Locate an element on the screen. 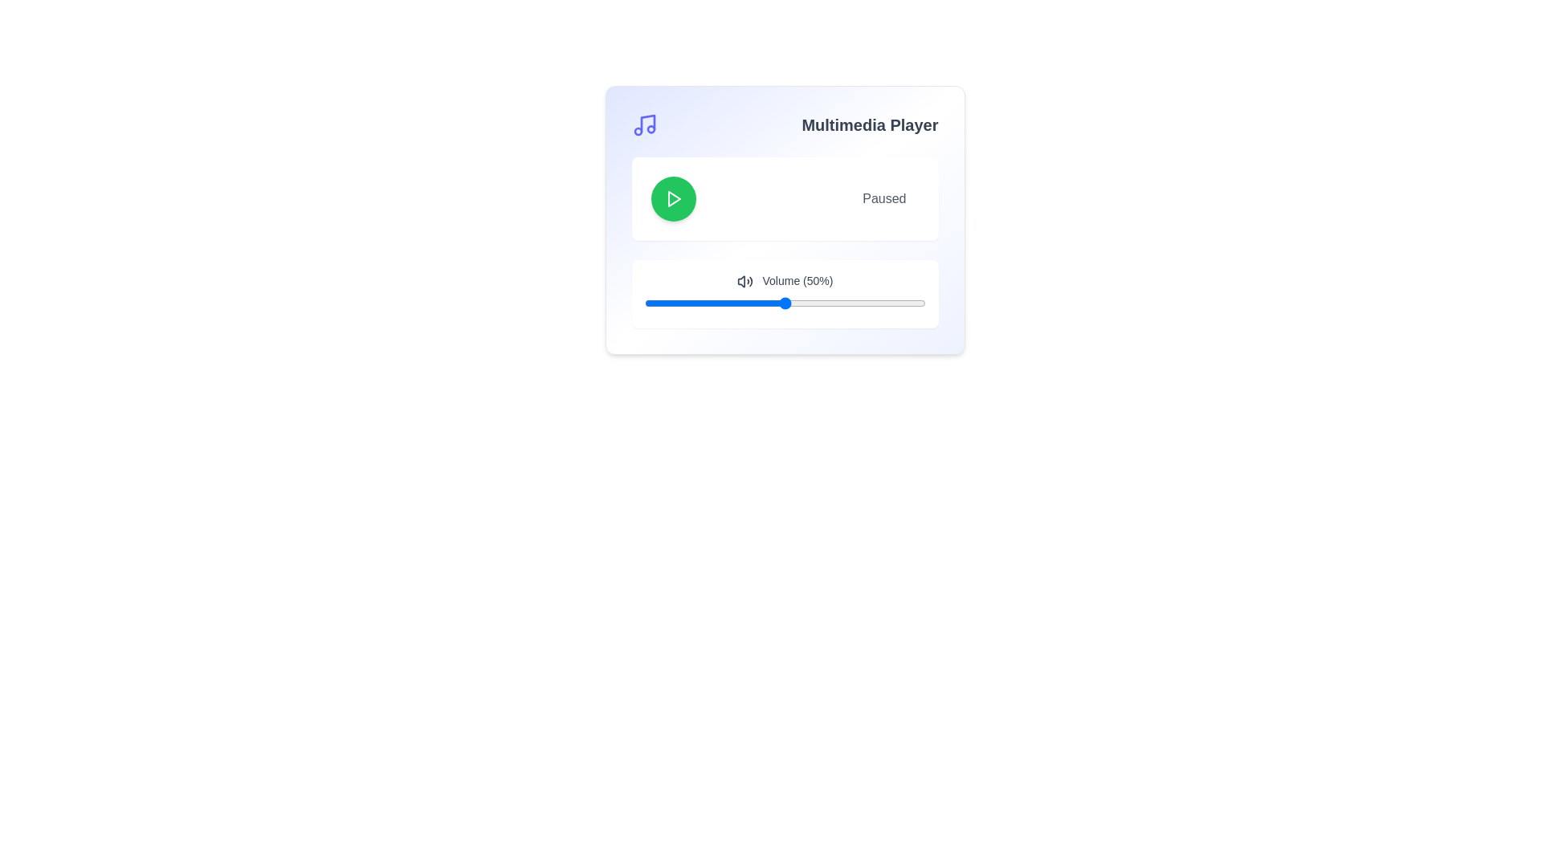 Image resolution: width=1542 pixels, height=867 pixels. the volume control icon, which is positioned to the left of the text label 'Volume (50%)', indicating sound level adjustments is located at coordinates (744, 281).